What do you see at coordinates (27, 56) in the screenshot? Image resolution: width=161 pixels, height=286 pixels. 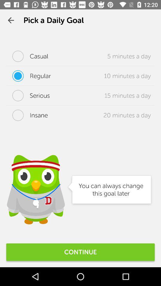 I see `casual` at bounding box center [27, 56].